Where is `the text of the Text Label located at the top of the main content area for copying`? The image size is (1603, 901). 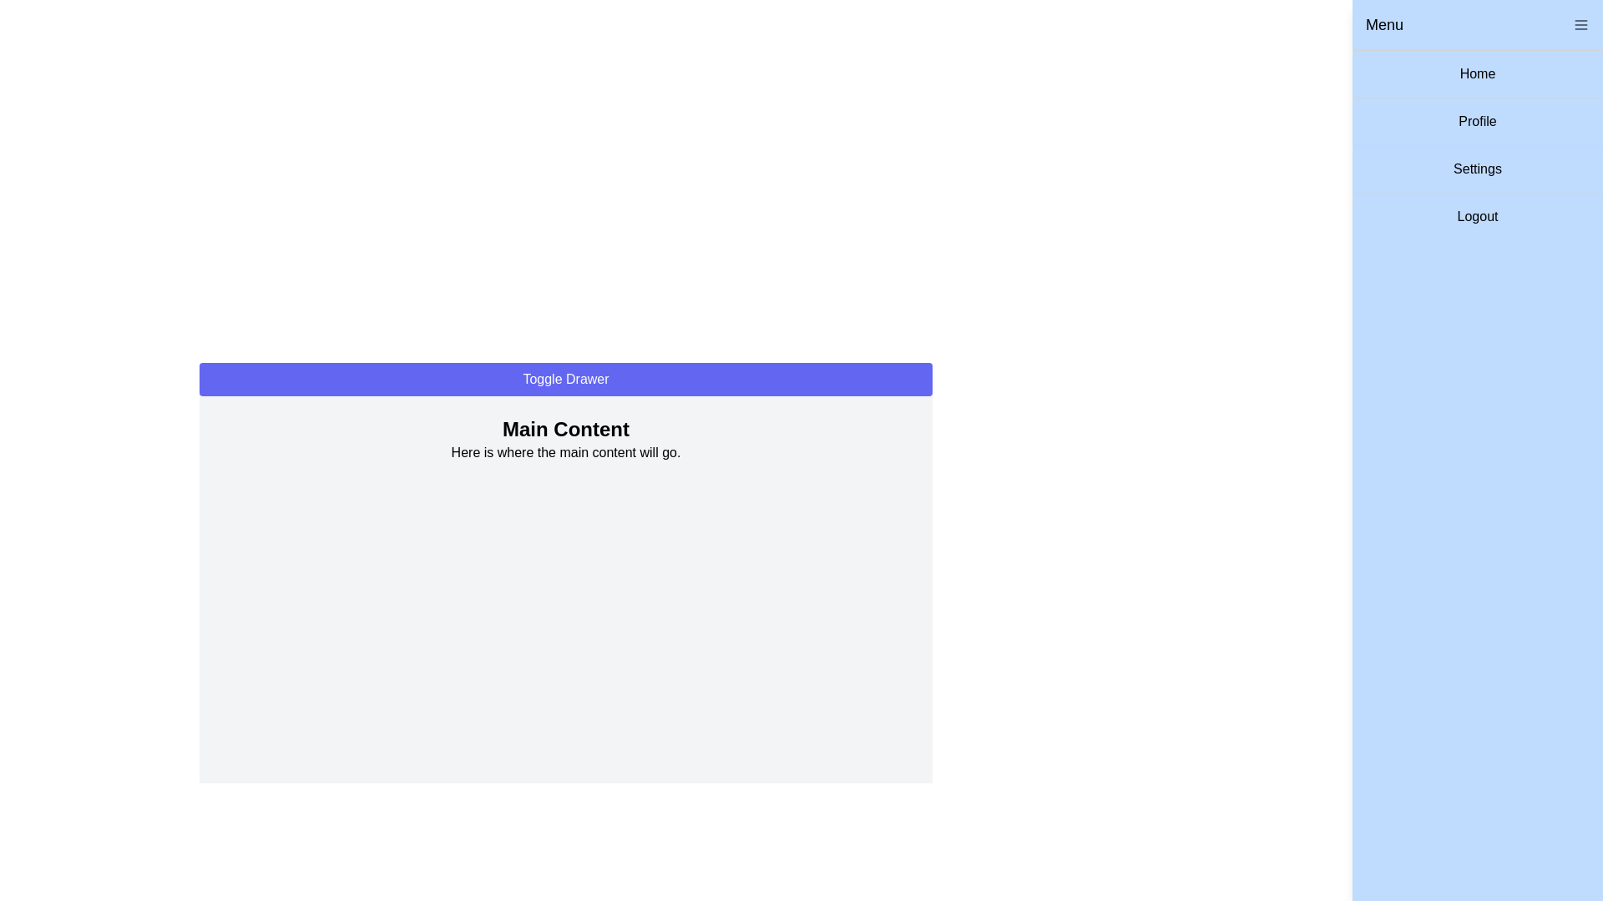
the text of the Text Label located at the top of the main content area for copying is located at coordinates (565, 429).